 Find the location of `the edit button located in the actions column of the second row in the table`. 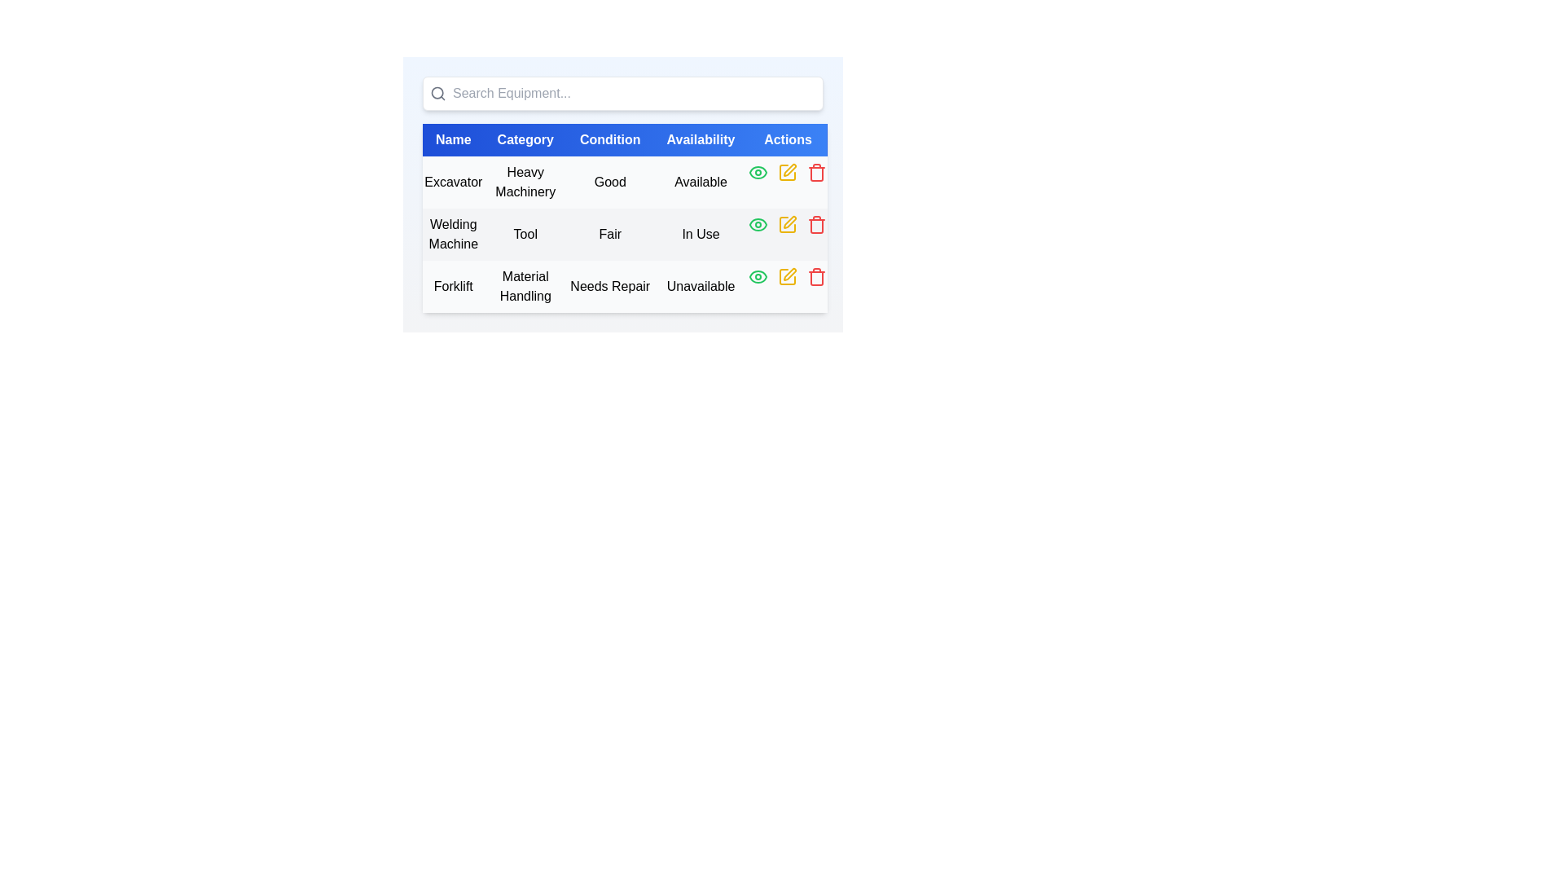

the edit button located in the actions column of the second row in the table is located at coordinates (788, 225).